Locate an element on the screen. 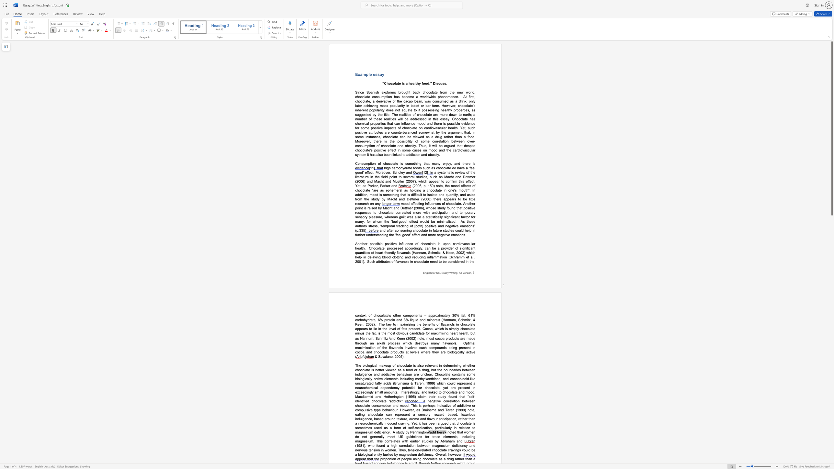 This screenshot has width=834, height=469. the scrollbar on the right to move the page downward is located at coordinates (831, 430).